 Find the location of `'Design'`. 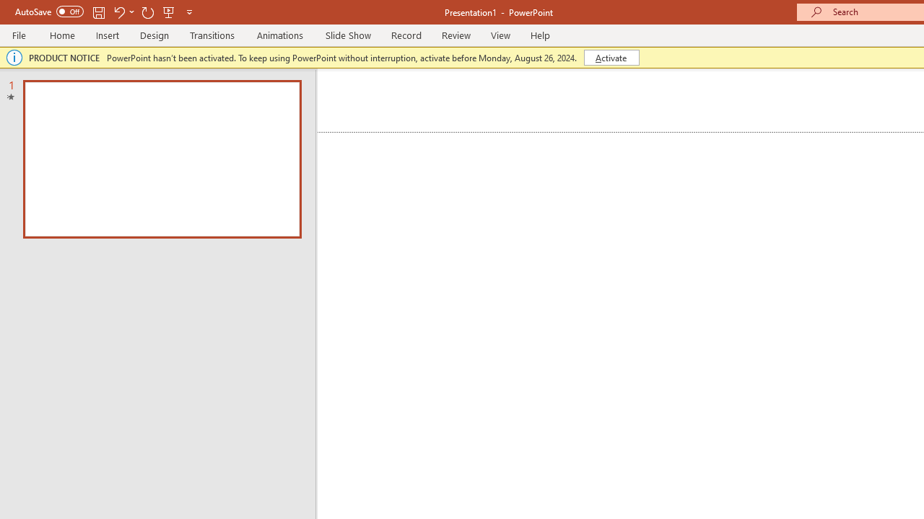

'Design' is located at coordinates (154, 35).